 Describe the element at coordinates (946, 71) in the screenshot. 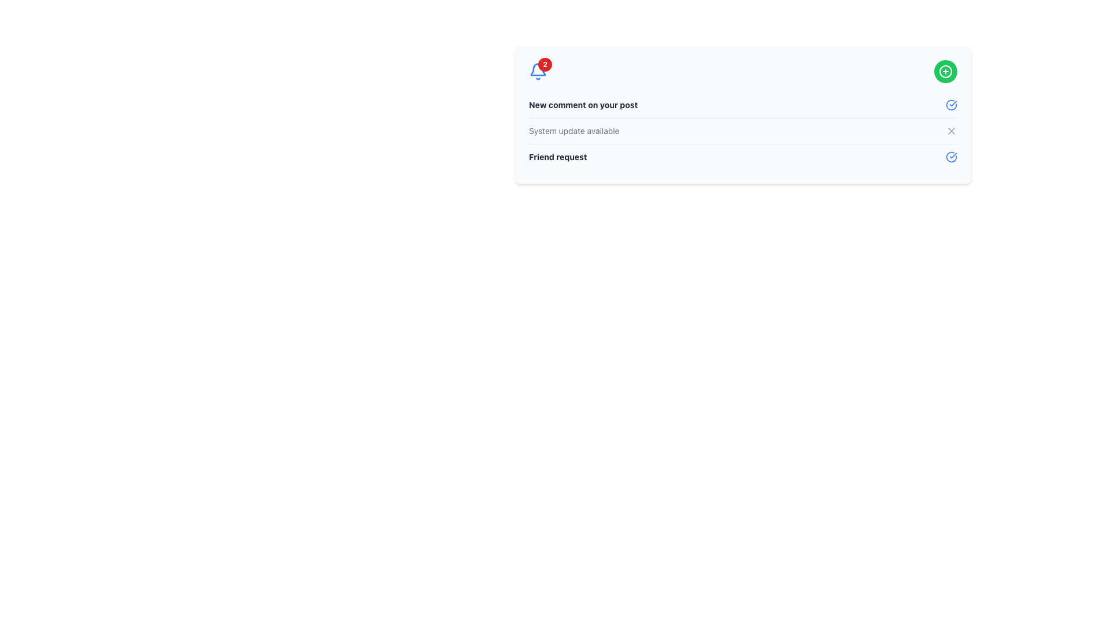

I see `the 'add' button located at the top-right corner of the notification card` at that location.